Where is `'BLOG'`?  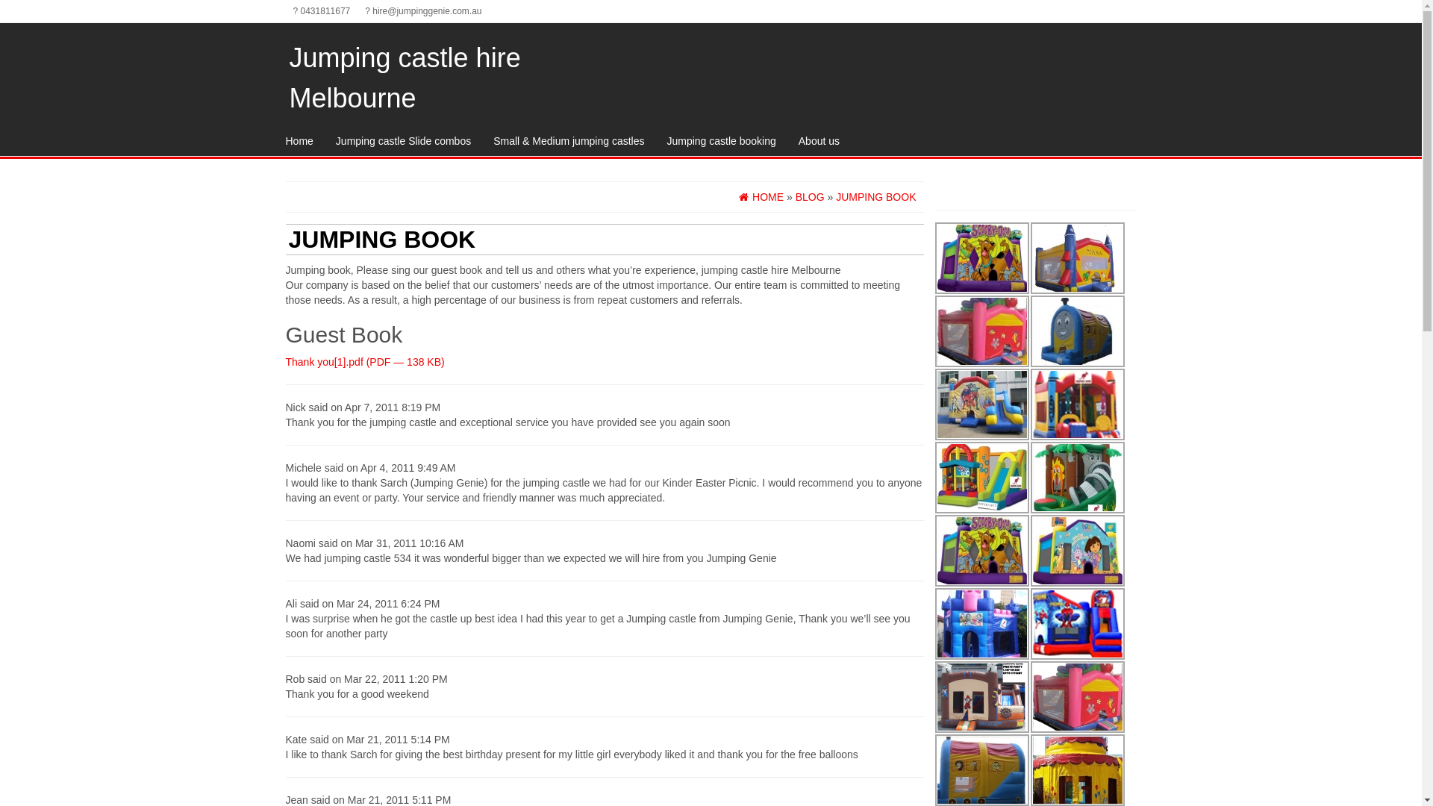
'BLOG' is located at coordinates (794, 196).